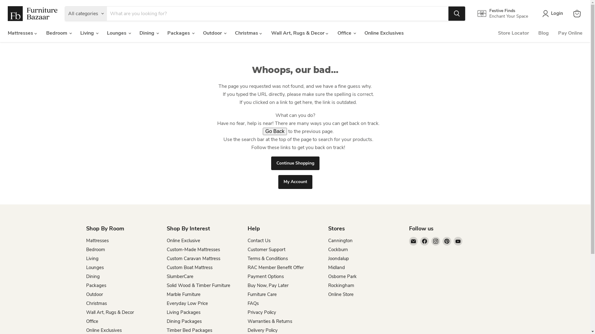 The height and width of the screenshot is (334, 595). I want to click on 'Go Back', so click(274, 131).